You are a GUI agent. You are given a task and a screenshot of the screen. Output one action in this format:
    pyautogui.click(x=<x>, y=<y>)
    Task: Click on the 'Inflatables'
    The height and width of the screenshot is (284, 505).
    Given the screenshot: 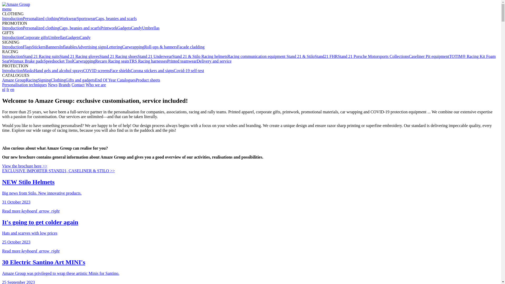 What is the action you would take?
    pyautogui.click(x=68, y=47)
    